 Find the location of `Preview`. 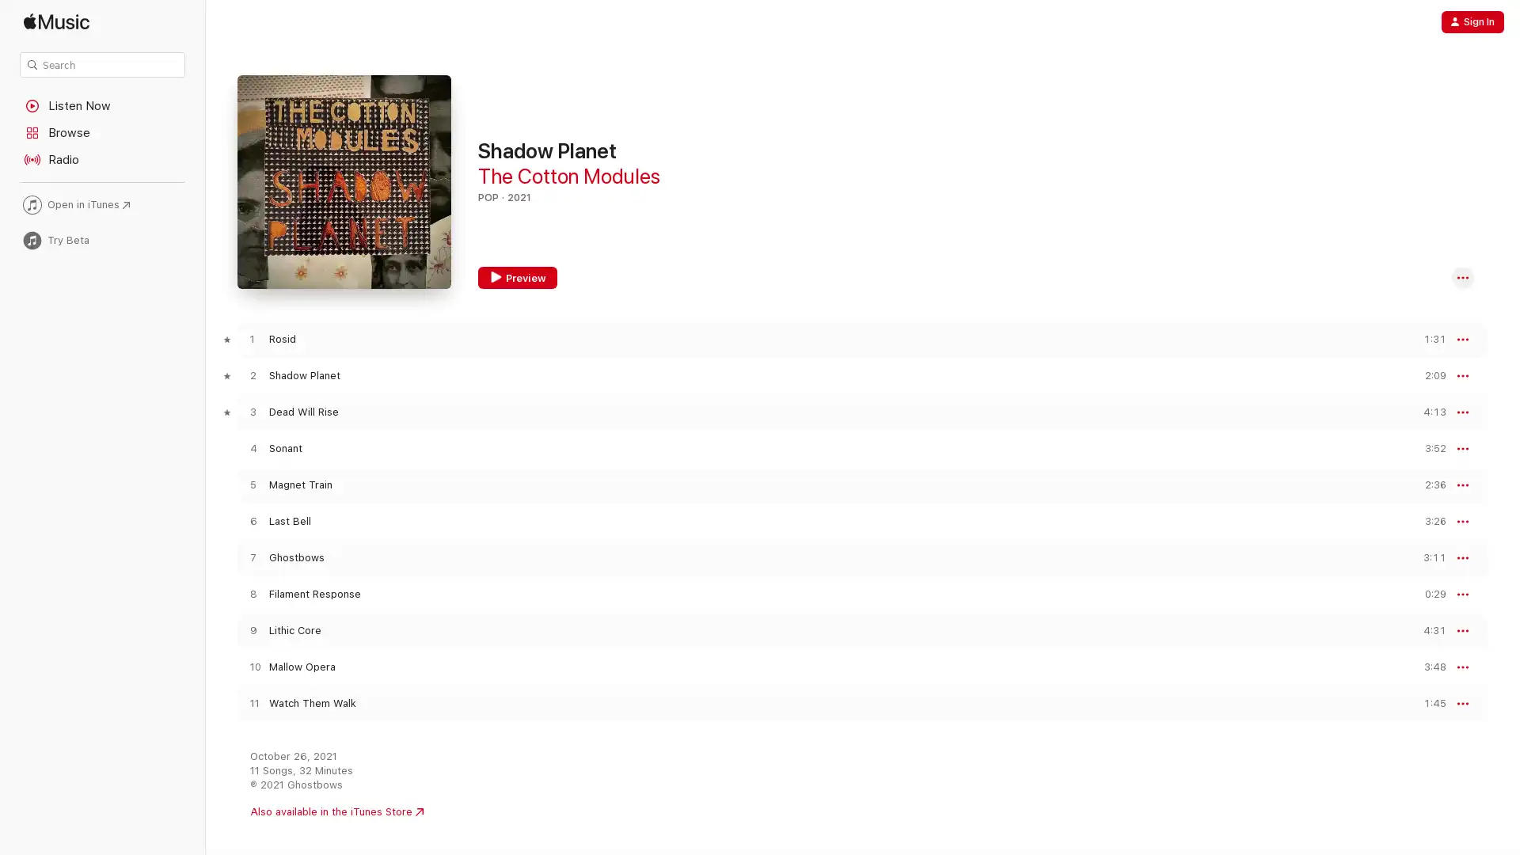

Preview is located at coordinates (1428, 484).